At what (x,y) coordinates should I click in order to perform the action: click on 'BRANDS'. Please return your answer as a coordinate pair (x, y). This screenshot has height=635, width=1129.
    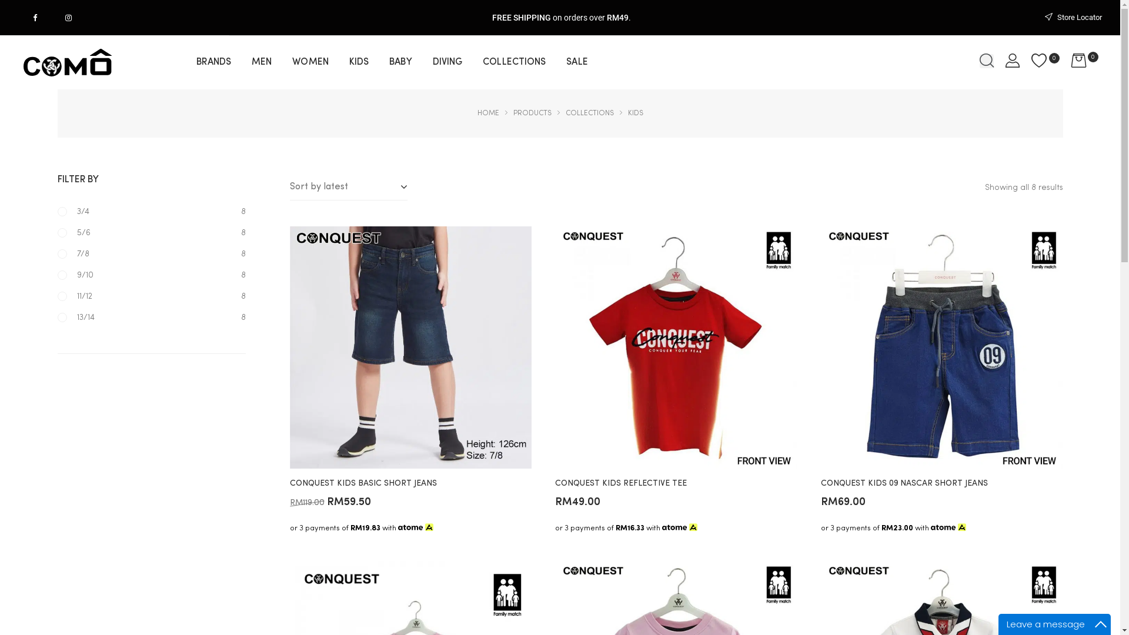
    Looking at the image, I should click on (196, 62).